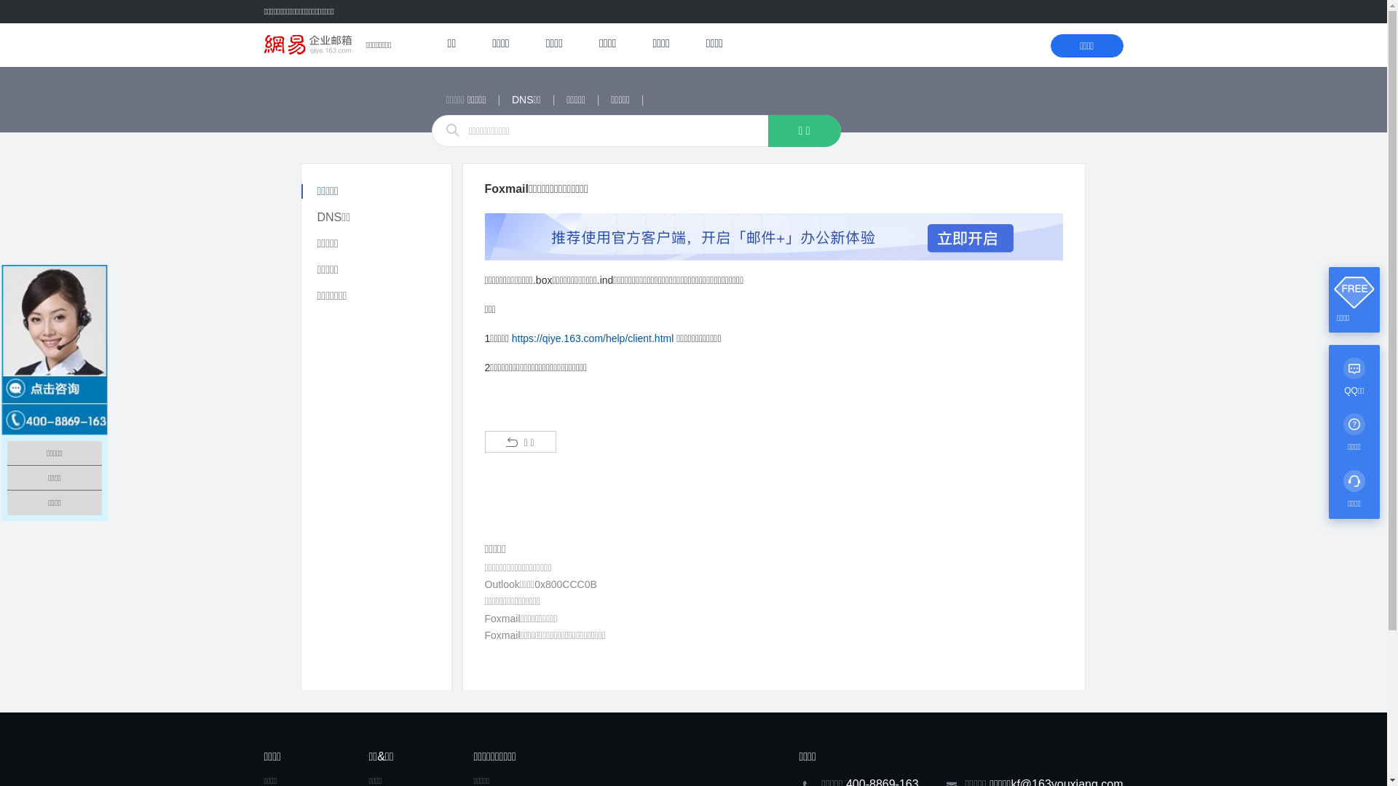 Image resolution: width=1398 pixels, height=786 pixels. What do you see at coordinates (593, 338) in the screenshot?
I see `'https://qiye.163.com/help/client.html'` at bounding box center [593, 338].